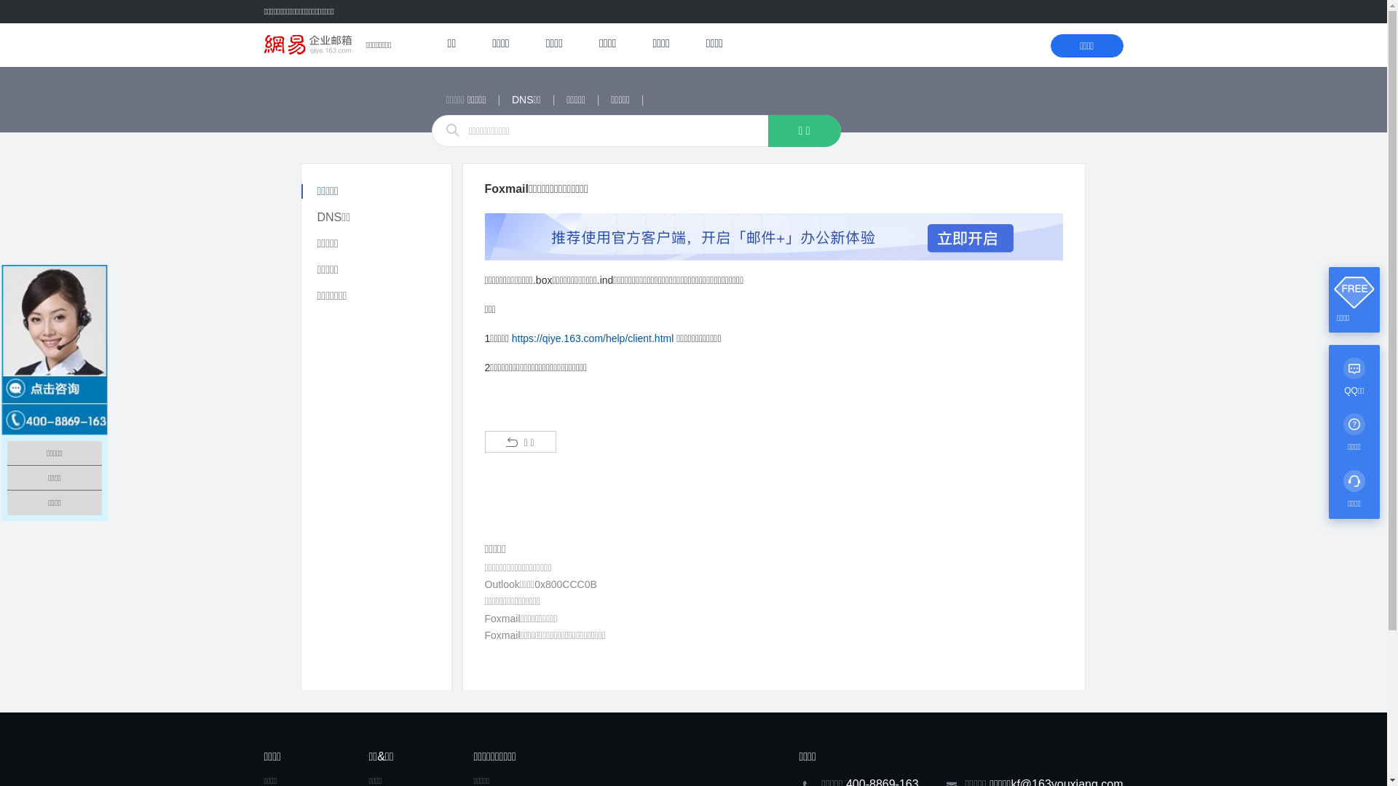 Image resolution: width=1398 pixels, height=786 pixels. What do you see at coordinates (593, 338) in the screenshot?
I see `'https://qiye.163.com/help/client.html'` at bounding box center [593, 338].